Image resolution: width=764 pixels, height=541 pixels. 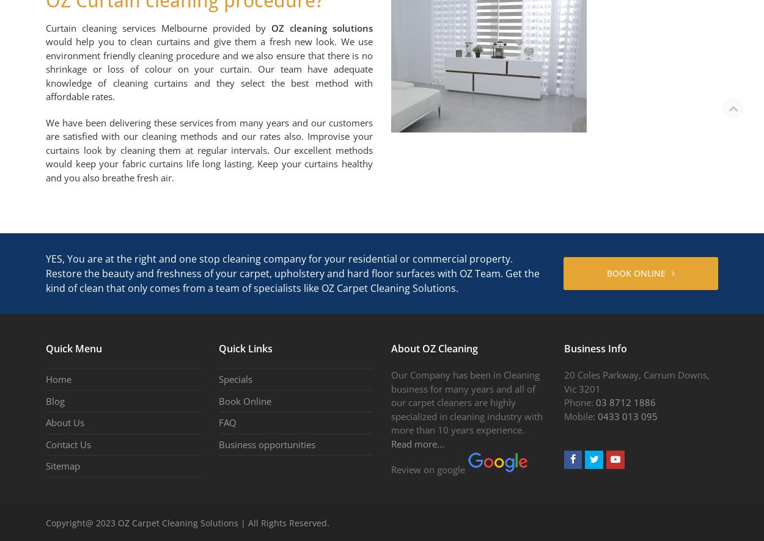 What do you see at coordinates (45, 349) in the screenshot?
I see `'Quick Menu'` at bounding box center [45, 349].